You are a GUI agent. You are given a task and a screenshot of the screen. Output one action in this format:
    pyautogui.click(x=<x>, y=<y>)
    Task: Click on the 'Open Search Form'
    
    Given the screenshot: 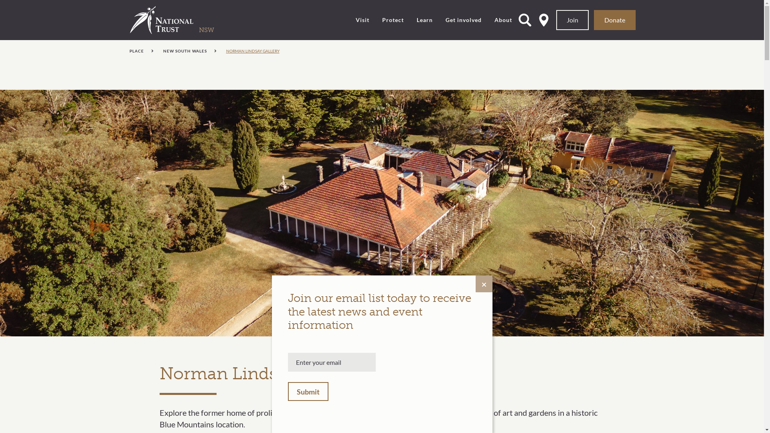 What is the action you would take?
    pyautogui.click(x=518, y=20)
    